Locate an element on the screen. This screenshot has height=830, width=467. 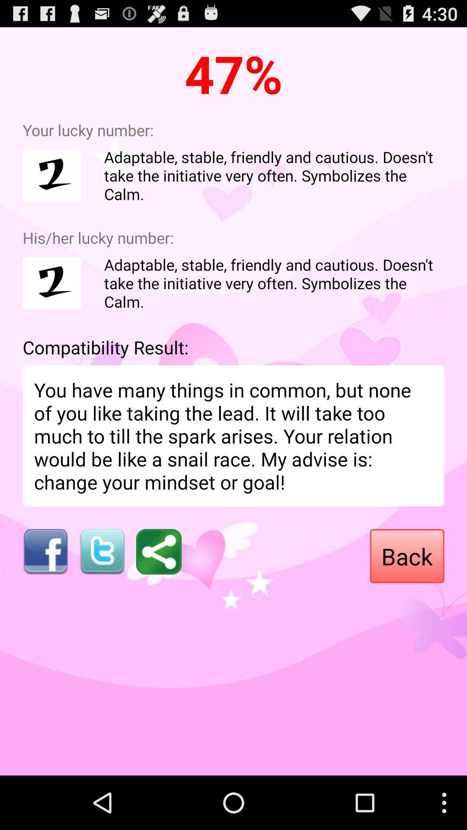
icon next to the back item is located at coordinates (159, 551).